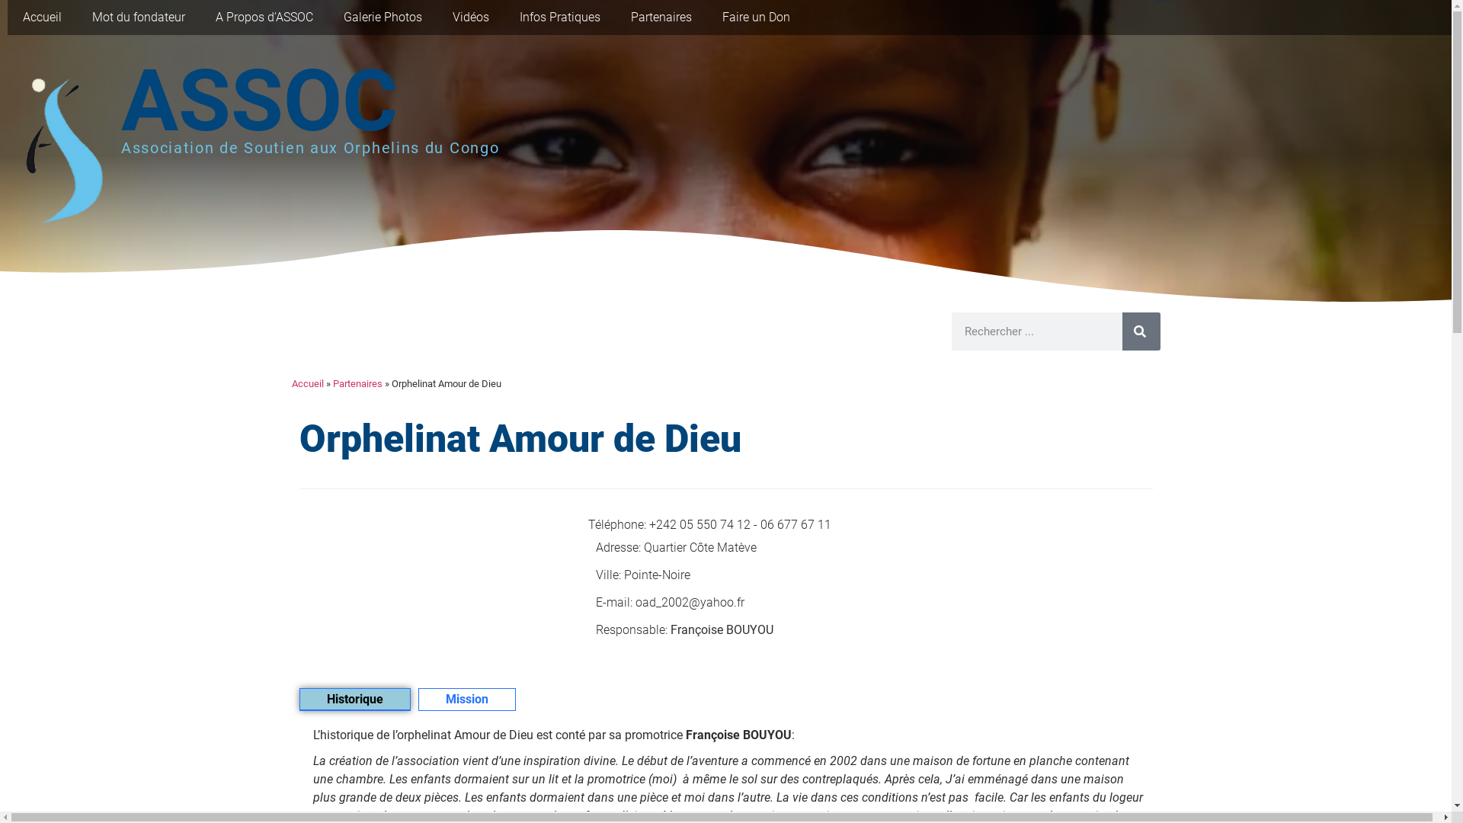  Describe the element at coordinates (465, 700) in the screenshot. I see `'Mission'` at that location.